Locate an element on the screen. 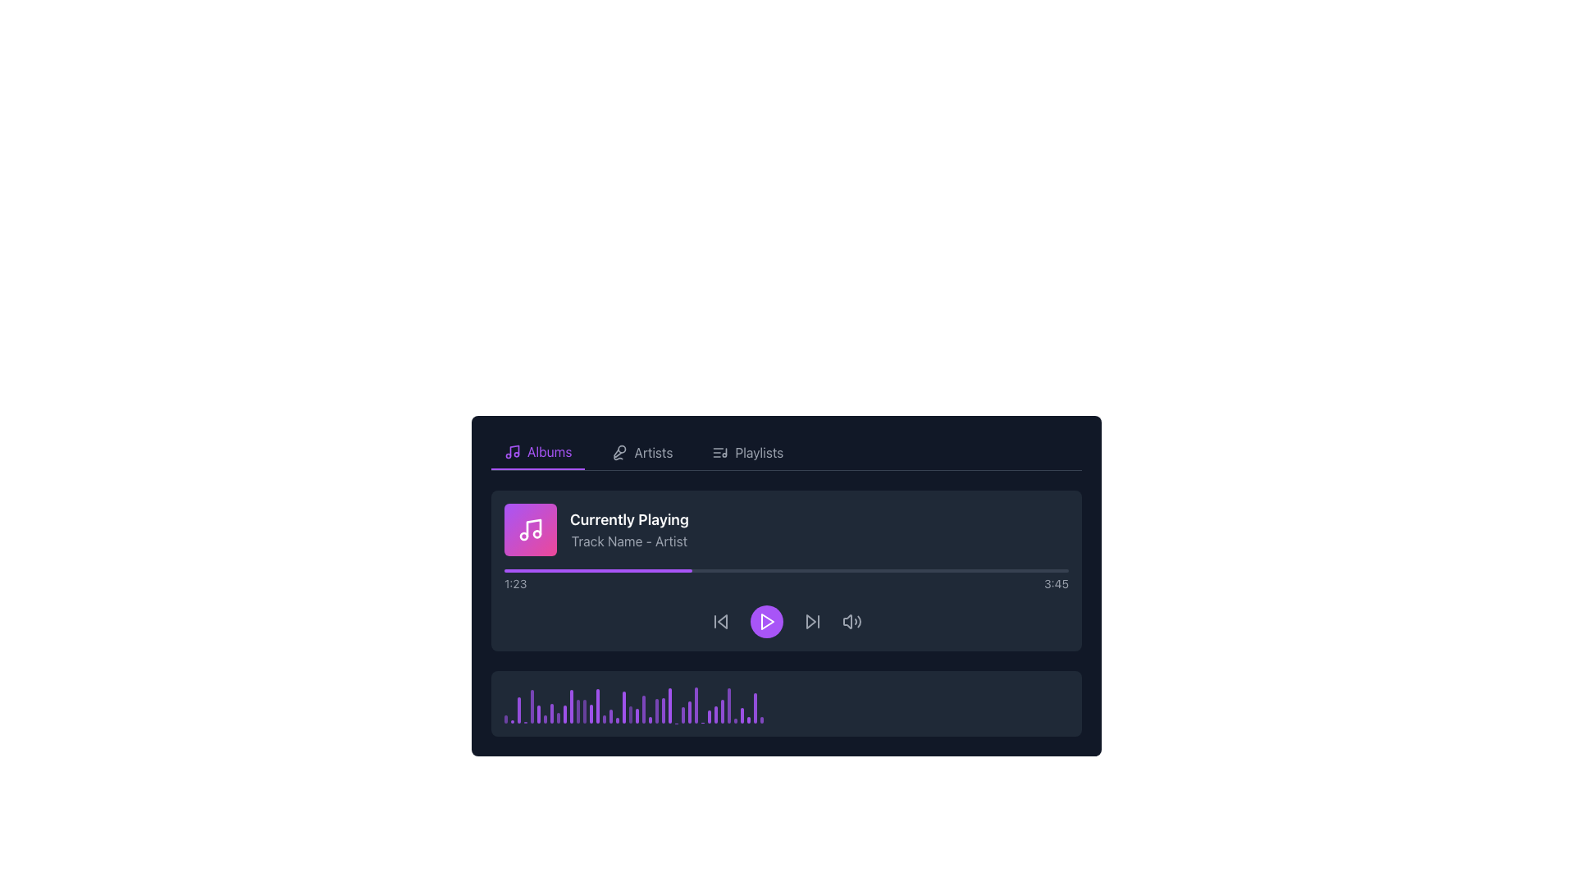  the seventh graphical bar in the footer panel is located at coordinates (546, 718).